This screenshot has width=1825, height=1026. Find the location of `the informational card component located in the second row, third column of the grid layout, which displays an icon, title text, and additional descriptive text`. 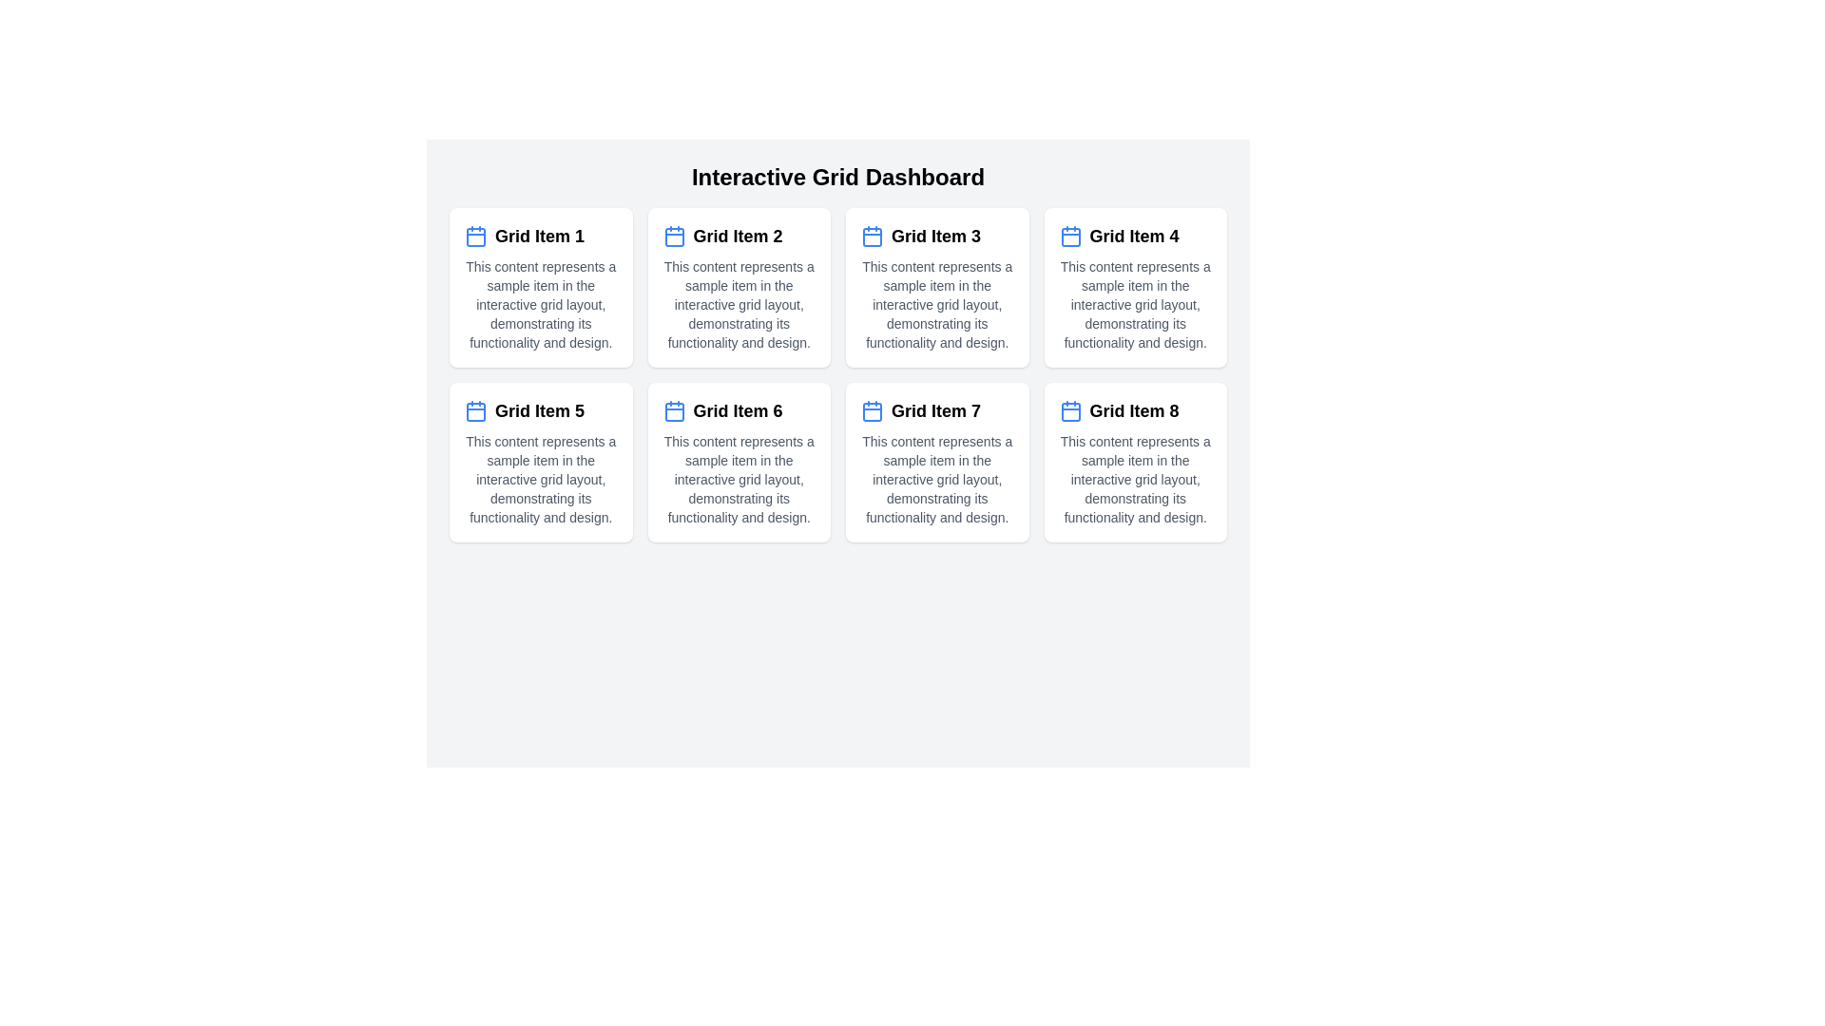

the informational card component located in the second row, third column of the grid layout, which displays an icon, title text, and additional descriptive text is located at coordinates (937, 462).